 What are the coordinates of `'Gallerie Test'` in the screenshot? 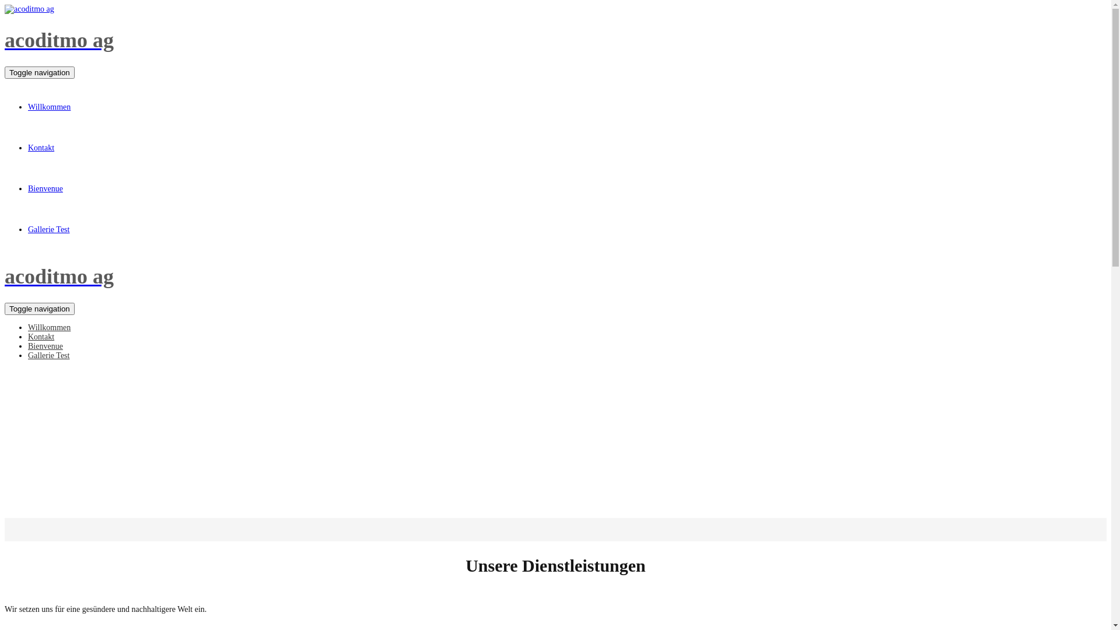 It's located at (48, 355).